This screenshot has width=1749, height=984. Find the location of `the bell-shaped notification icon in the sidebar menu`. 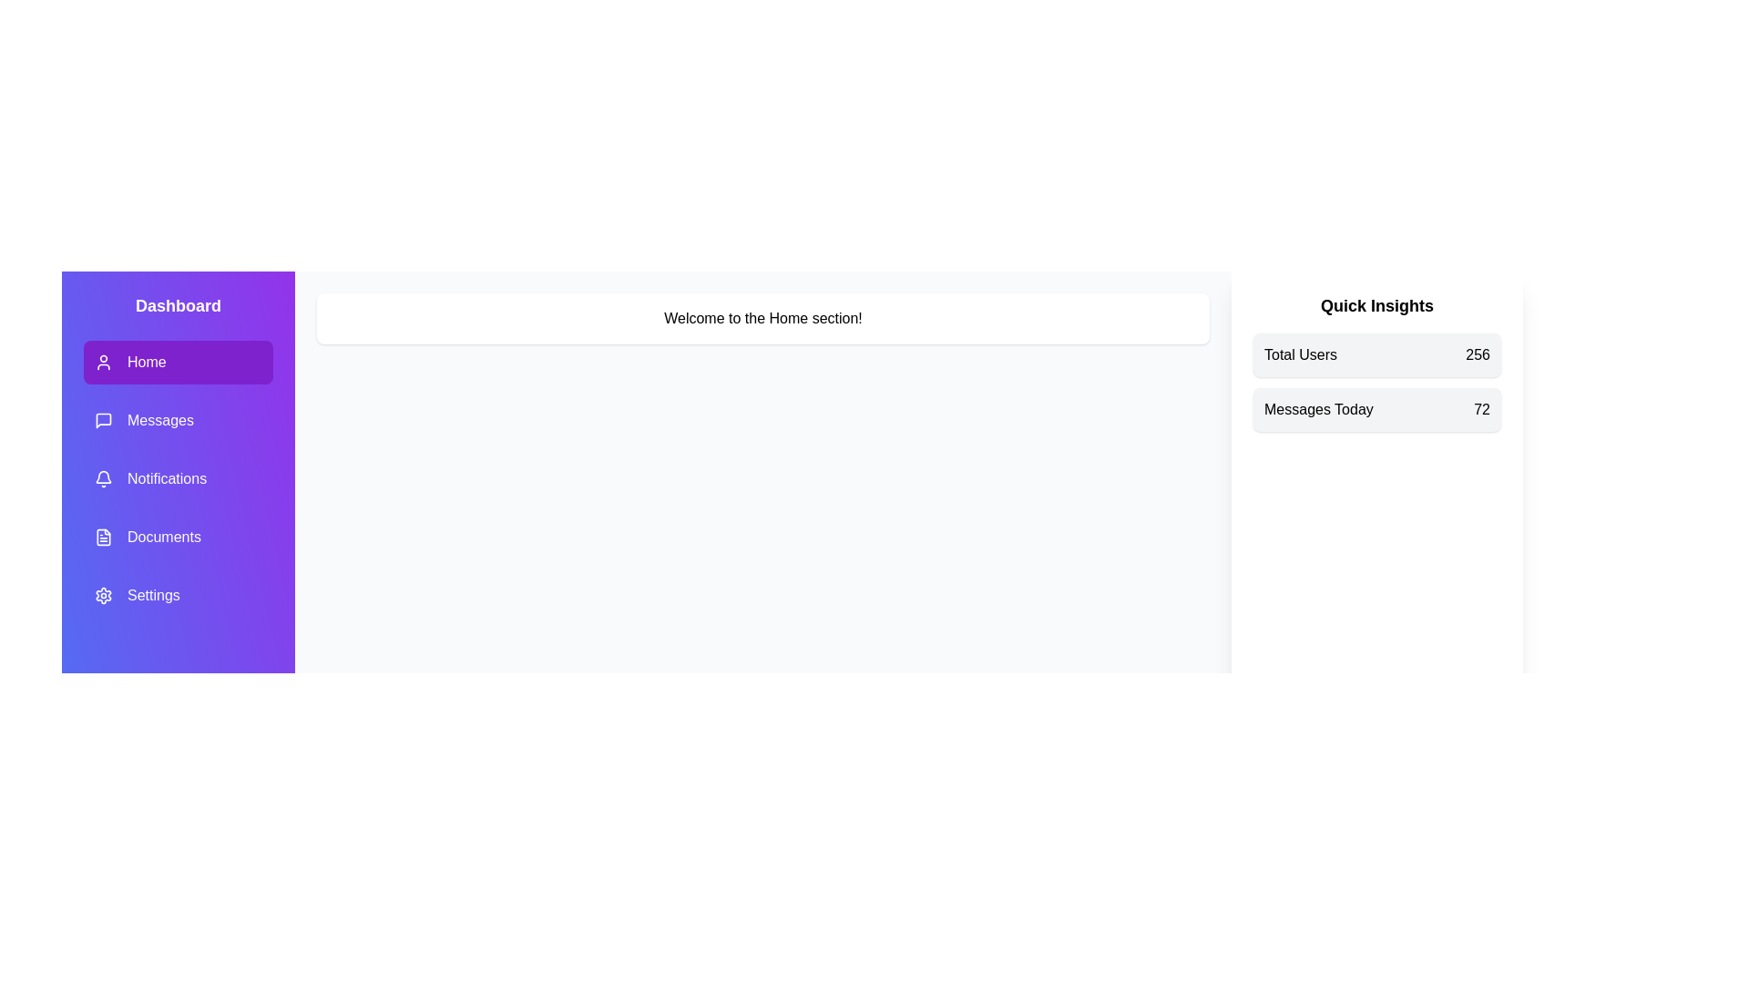

the bell-shaped notification icon in the sidebar menu is located at coordinates (103, 476).